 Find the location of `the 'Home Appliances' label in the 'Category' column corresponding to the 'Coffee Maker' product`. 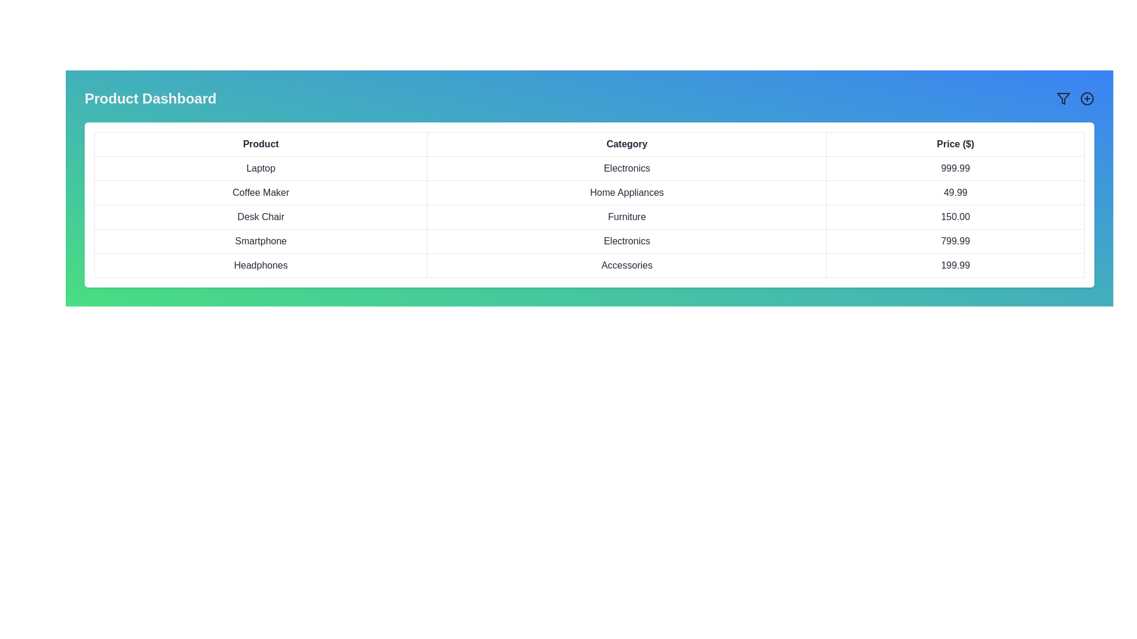

the 'Home Appliances' label in the 'Category' column corresponding to the 'Coffee Maker' product is located at coordinates (626, 192).